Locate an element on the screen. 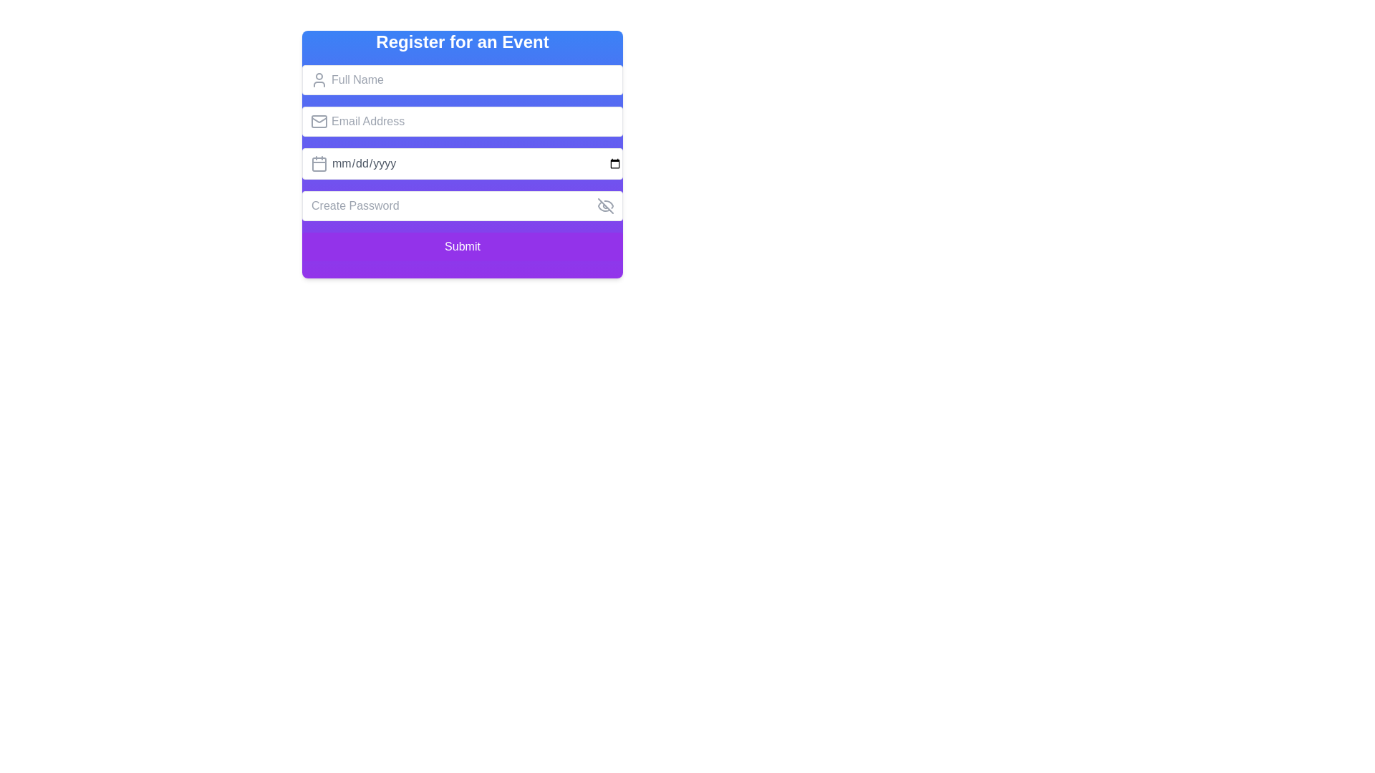 This screenshot has width=1375, height=773. the 'hide password' icon located at the far right end of the 'Create Password' input field is located at coordinates (605, 206).